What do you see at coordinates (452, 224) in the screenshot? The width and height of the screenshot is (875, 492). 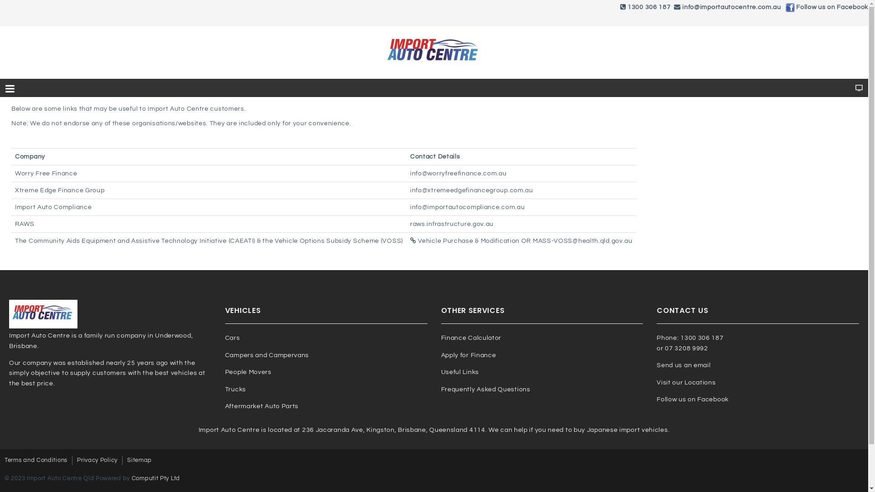 I see `'raws.infrastructure.gov.au'` at bounding box center [452, 224].